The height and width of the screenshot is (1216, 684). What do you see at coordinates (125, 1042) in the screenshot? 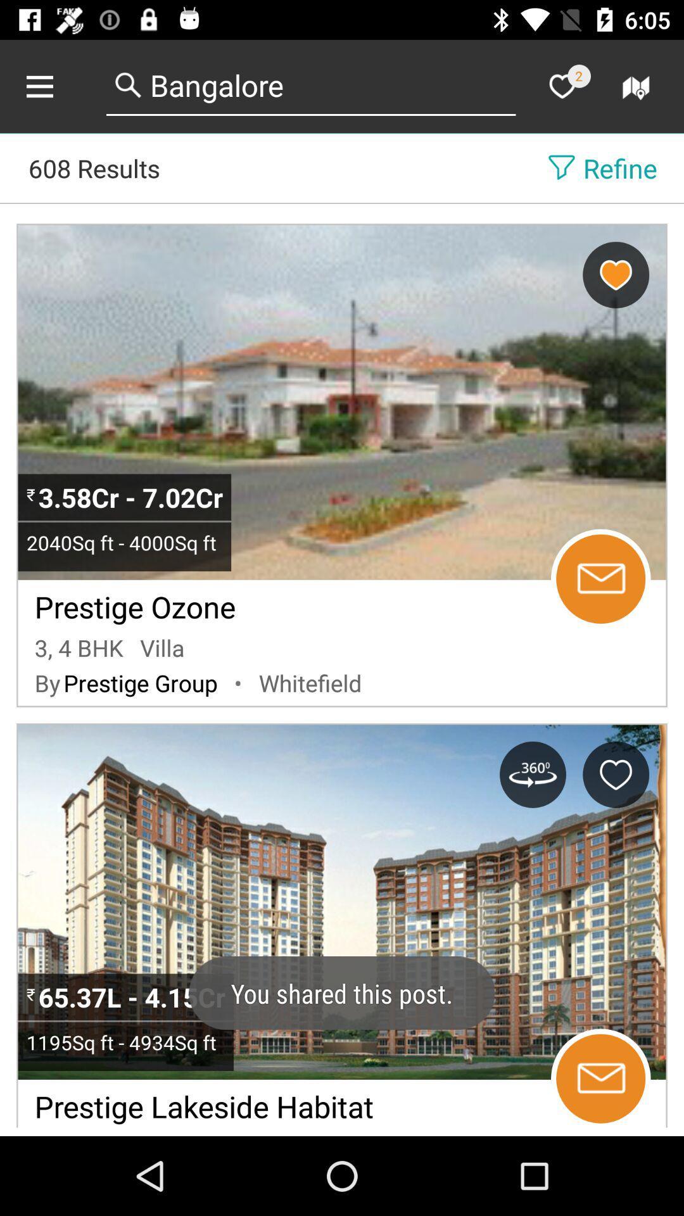
I see `icon above the prestige lakeside habitat item` at bounding box center [125, 1042].